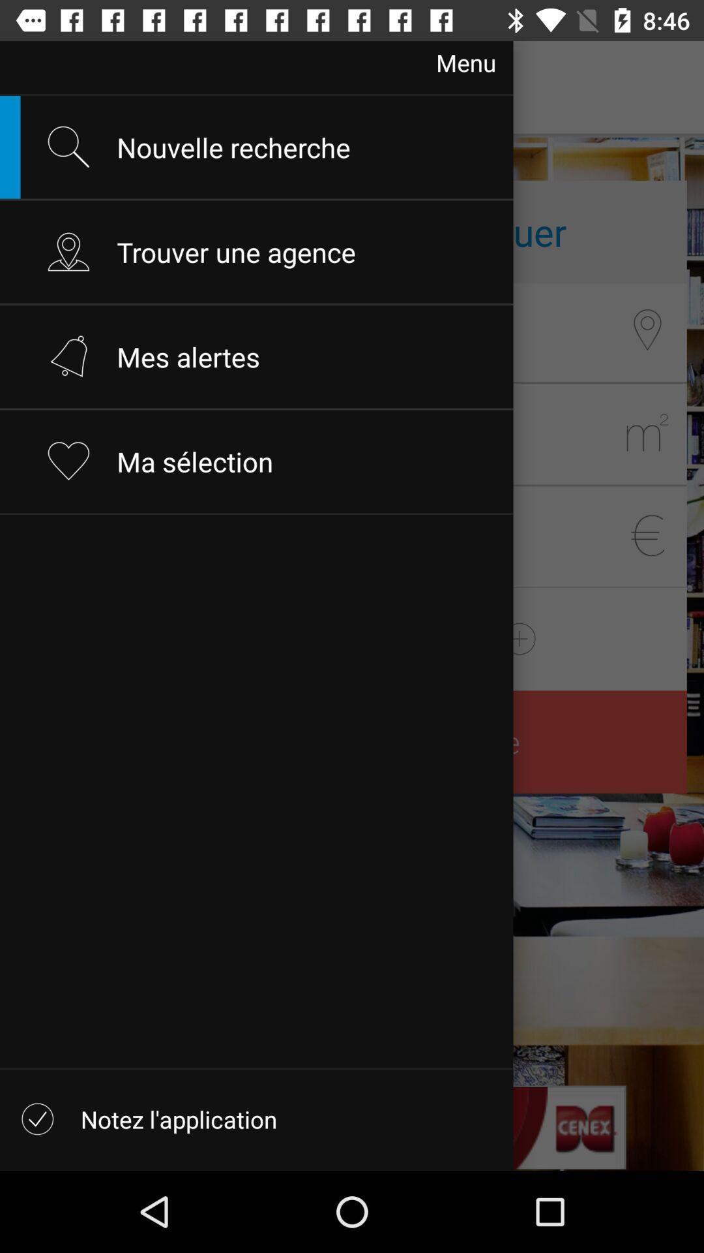 The image size is (704, 1253). Describe the element at coordinates (184, 232) in the screenshot. I see `the second option along with the location icon beside it` at that location.